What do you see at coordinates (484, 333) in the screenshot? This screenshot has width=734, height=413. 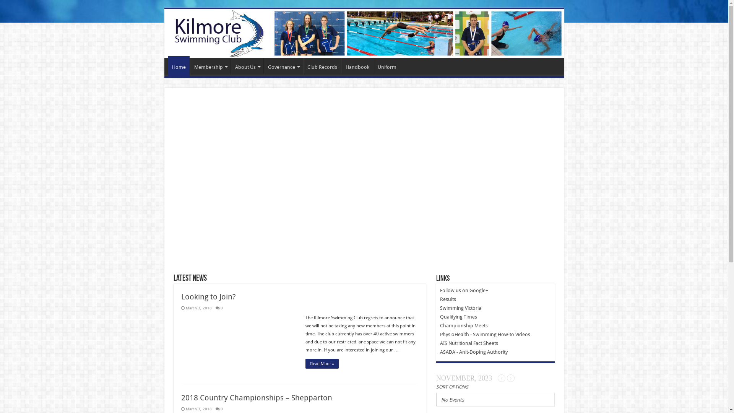 I see `'PhysioHealth - Swimming How-to Videos'` at bounding box center [484, 333].